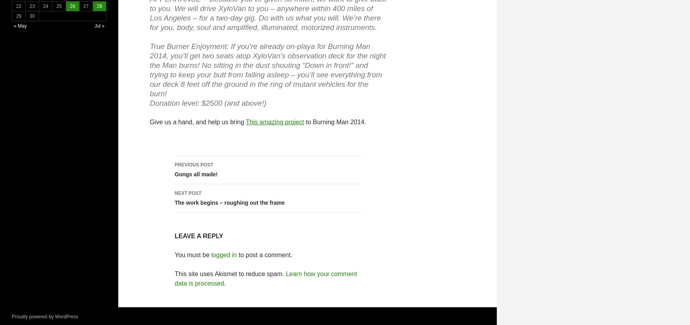 Image resolution: width=690 pixels, height=325 pixels. I want to click on 'Leave a Reply', so click(198, 236).